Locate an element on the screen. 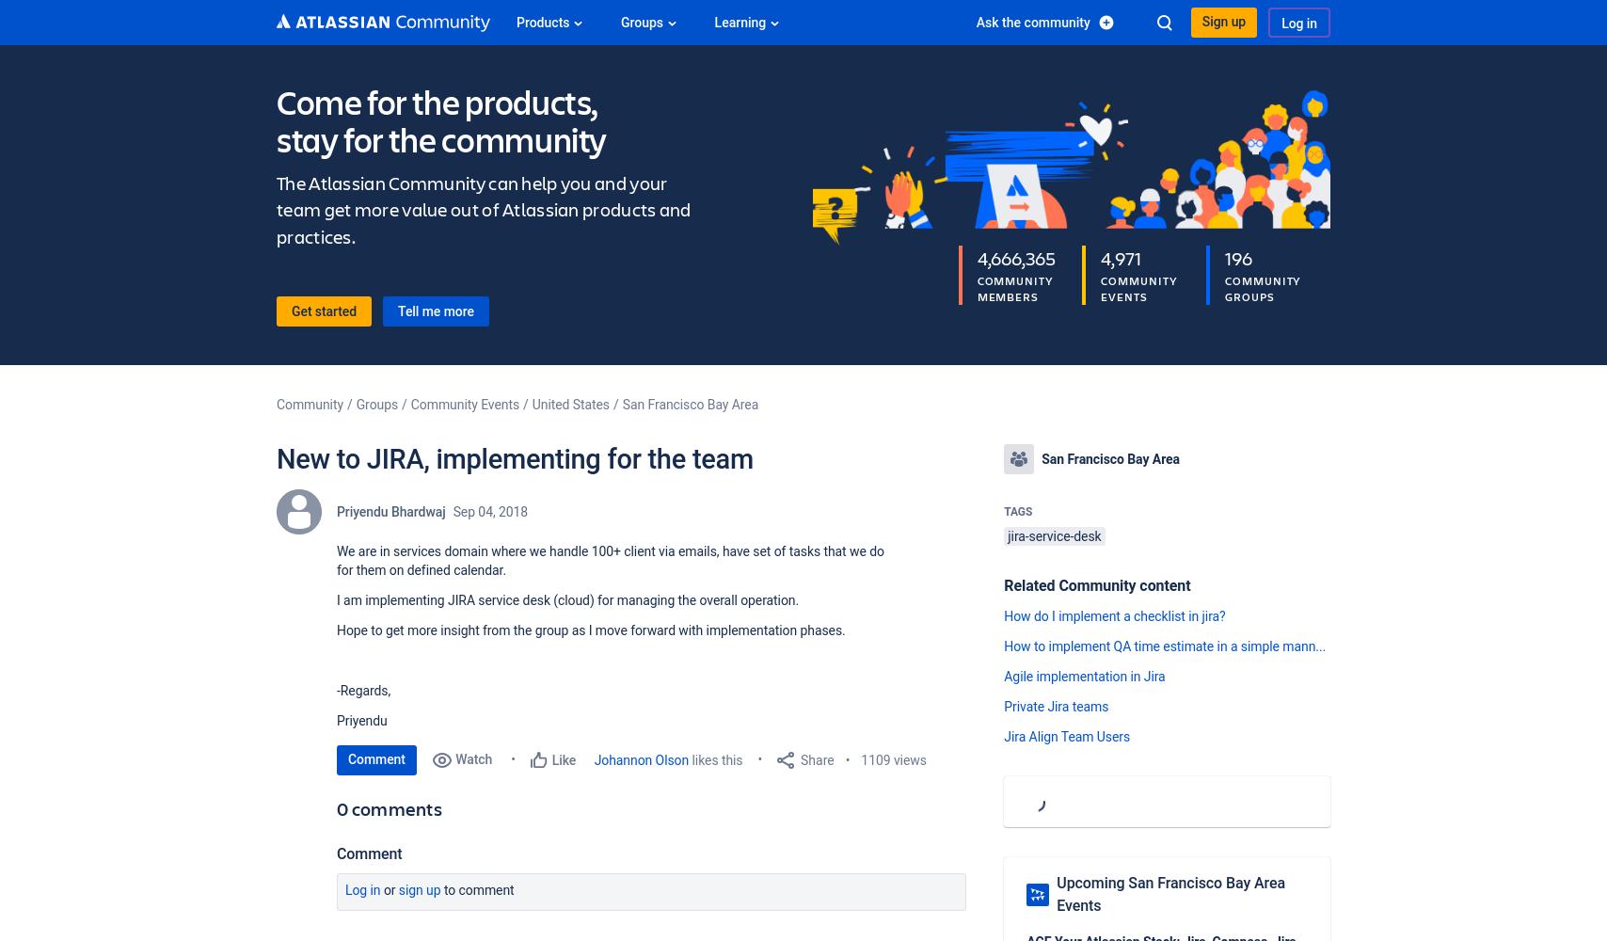 Image resolution: width=1607 pixels, height=941 pixels. 'How do I implement a checklist in jira?' is located at coordinates (1114, 616).